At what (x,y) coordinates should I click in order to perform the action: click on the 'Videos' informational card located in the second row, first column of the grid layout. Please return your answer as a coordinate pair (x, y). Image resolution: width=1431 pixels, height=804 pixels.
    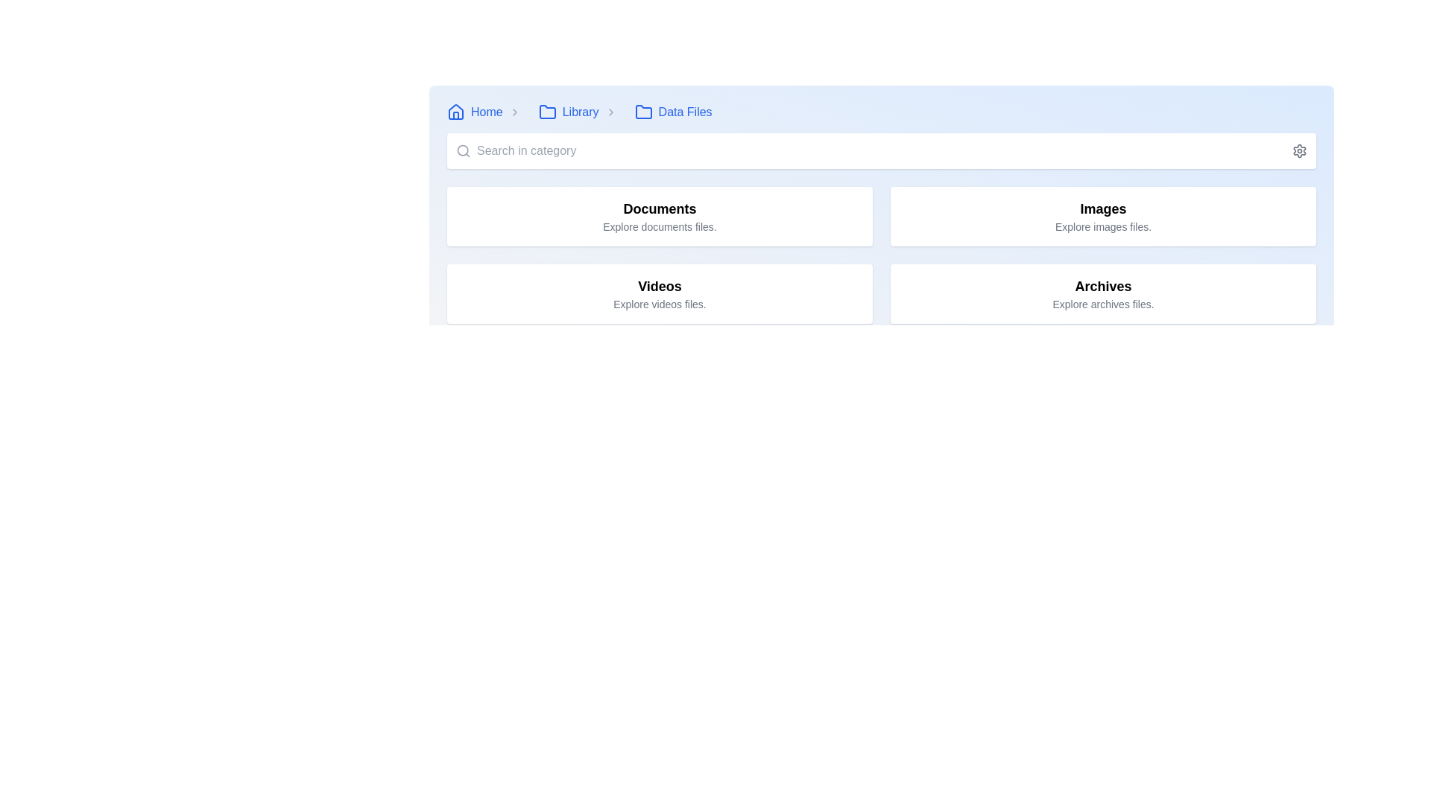
    Looking at the image, I should click on (659, 293).